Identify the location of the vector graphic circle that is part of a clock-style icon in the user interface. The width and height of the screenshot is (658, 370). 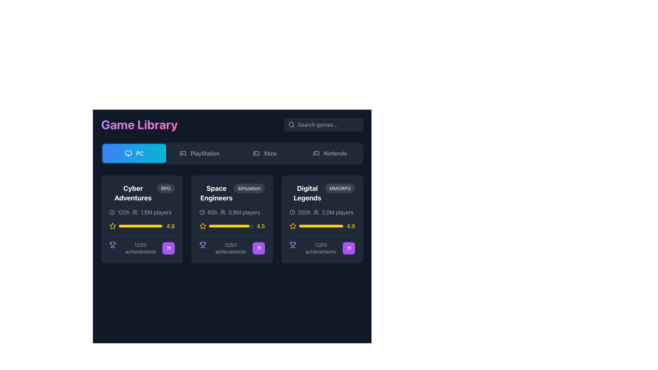
(112, 212).